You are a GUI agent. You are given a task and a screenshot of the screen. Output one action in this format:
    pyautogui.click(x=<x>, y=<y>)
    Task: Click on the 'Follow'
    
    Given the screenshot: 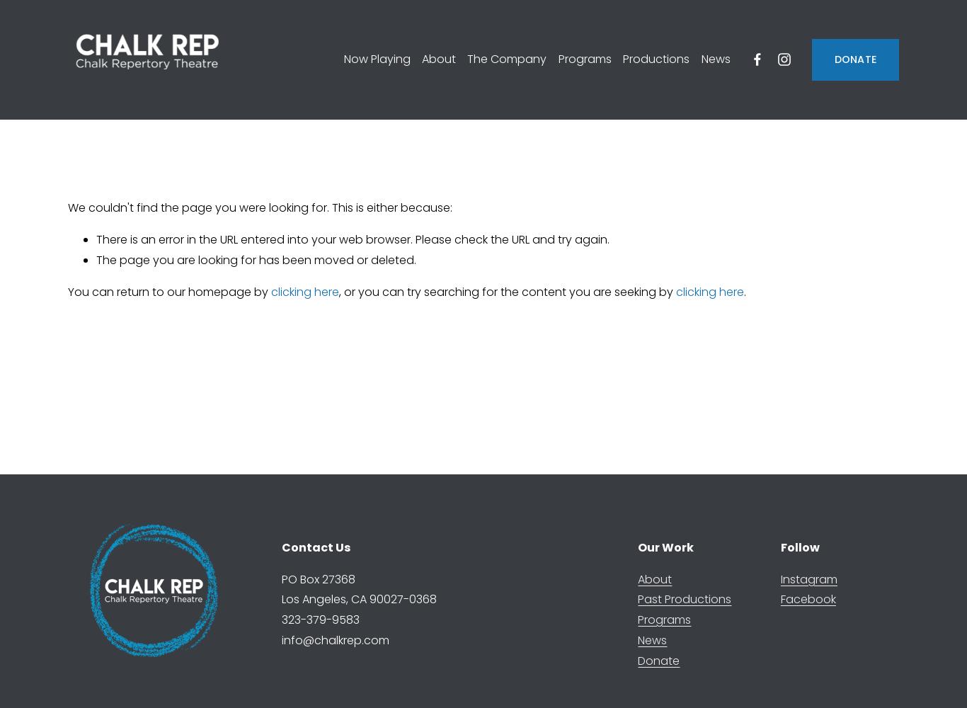 What is the action you would take?
    pyautogui.click(x=799, y=547)
    